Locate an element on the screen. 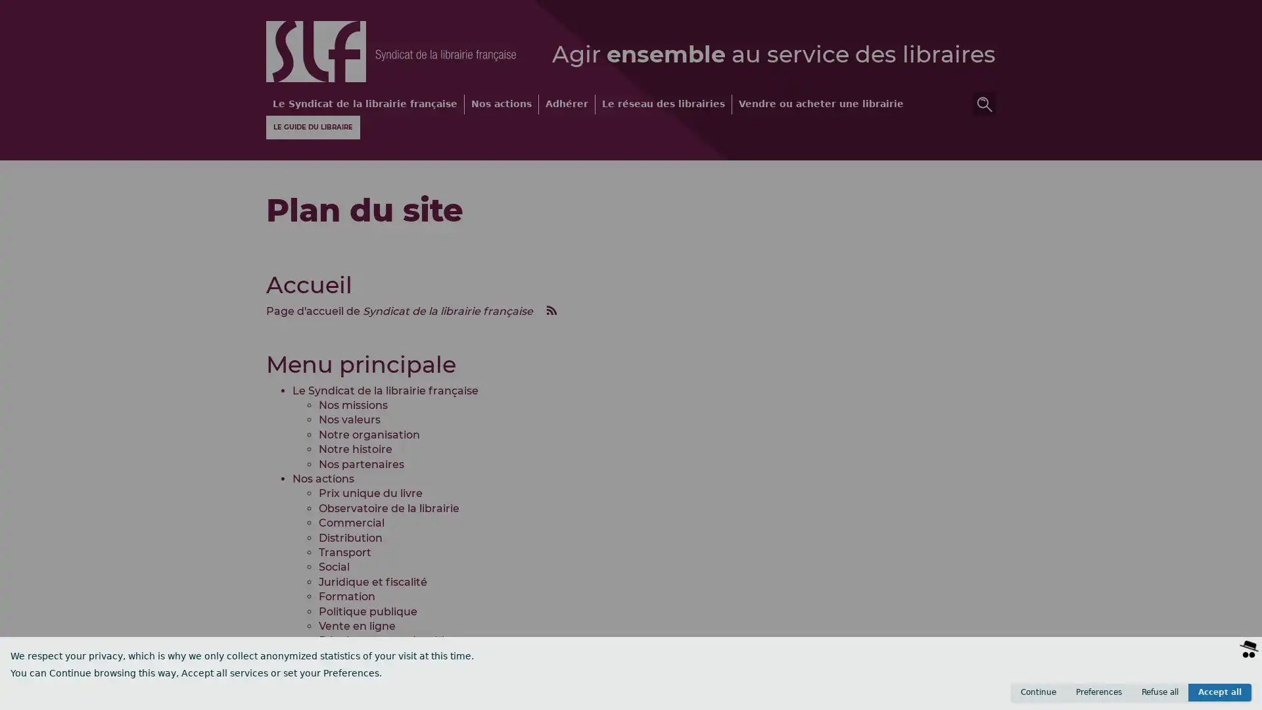  Anonymous is located at coordinates (1124, 696).